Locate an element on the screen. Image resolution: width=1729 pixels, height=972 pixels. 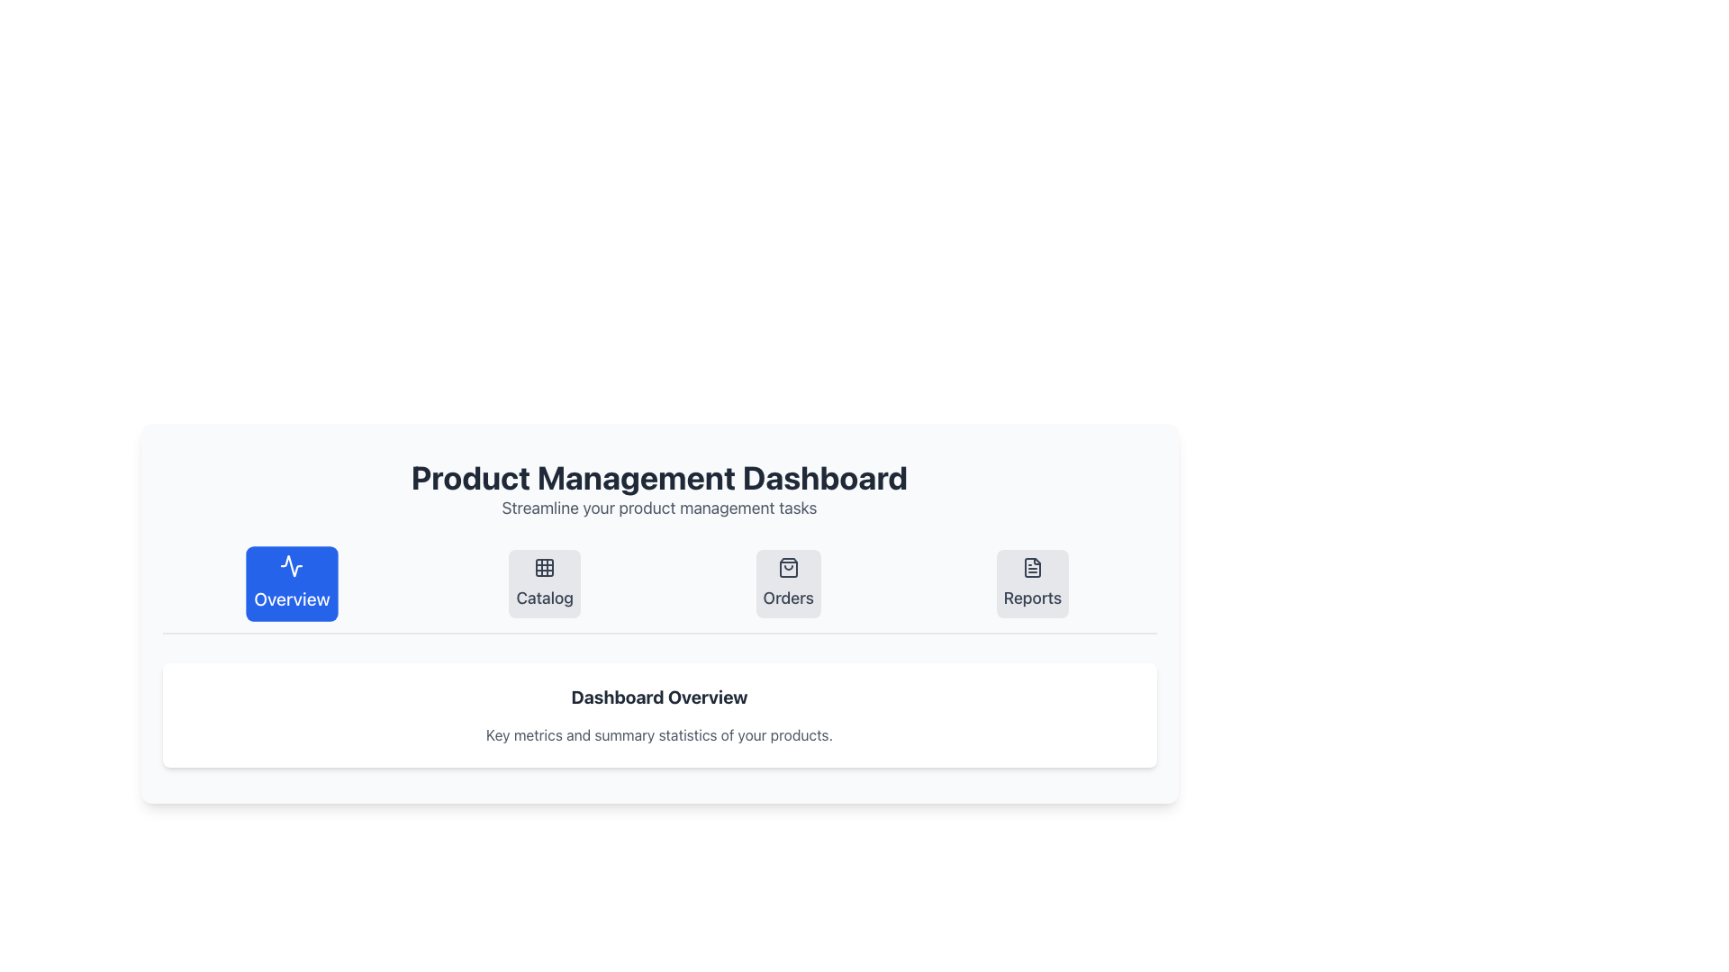
the 'Reports' icon located on the rightmost side of the navigation menu in the 'Product Management Dashboard' is located at coordinates (1032, 568).